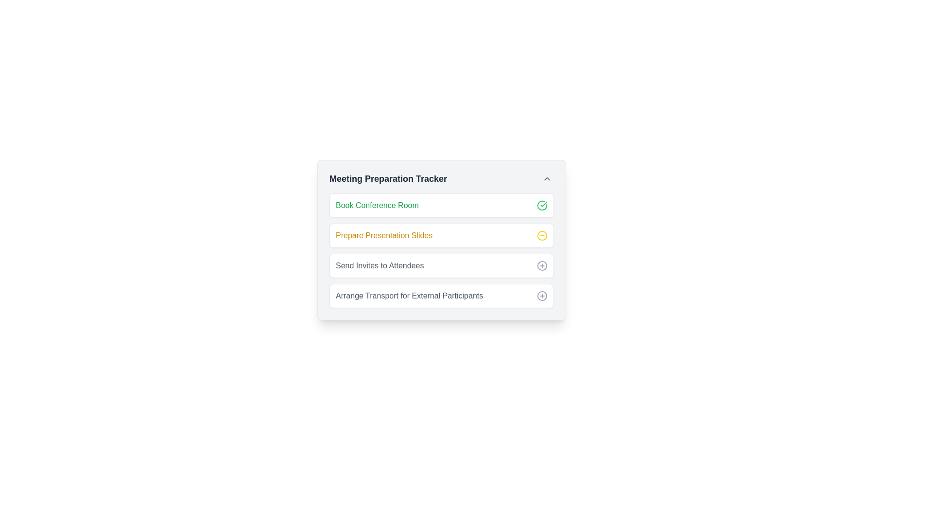  Describe the element at coordinates (547, 178) in the screenshot. I see `the upward chevron icon located in the top-right corner of the 'Meeting Preparation Tracker' panel` at that location.